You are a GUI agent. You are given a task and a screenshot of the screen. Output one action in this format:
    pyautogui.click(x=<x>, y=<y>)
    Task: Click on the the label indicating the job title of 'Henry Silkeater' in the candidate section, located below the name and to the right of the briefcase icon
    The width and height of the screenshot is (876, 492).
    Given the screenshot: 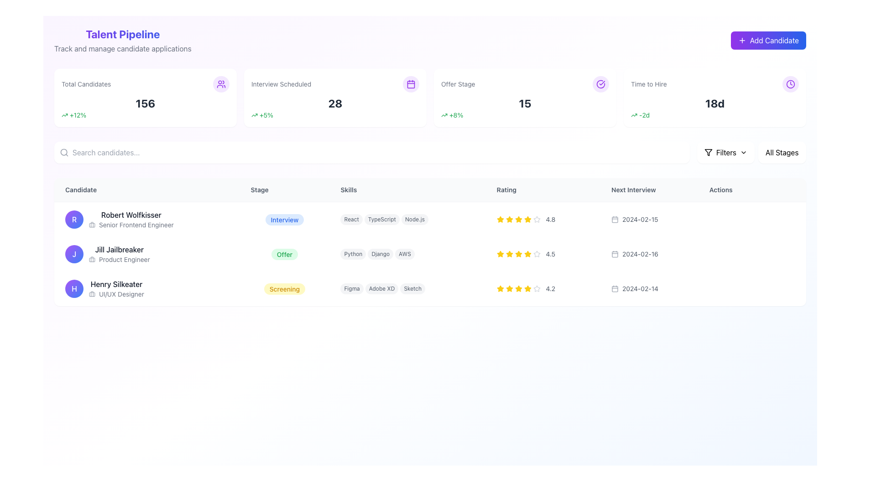 What is the action you would take?
    pyautogui.click(x=121, y=294)
    